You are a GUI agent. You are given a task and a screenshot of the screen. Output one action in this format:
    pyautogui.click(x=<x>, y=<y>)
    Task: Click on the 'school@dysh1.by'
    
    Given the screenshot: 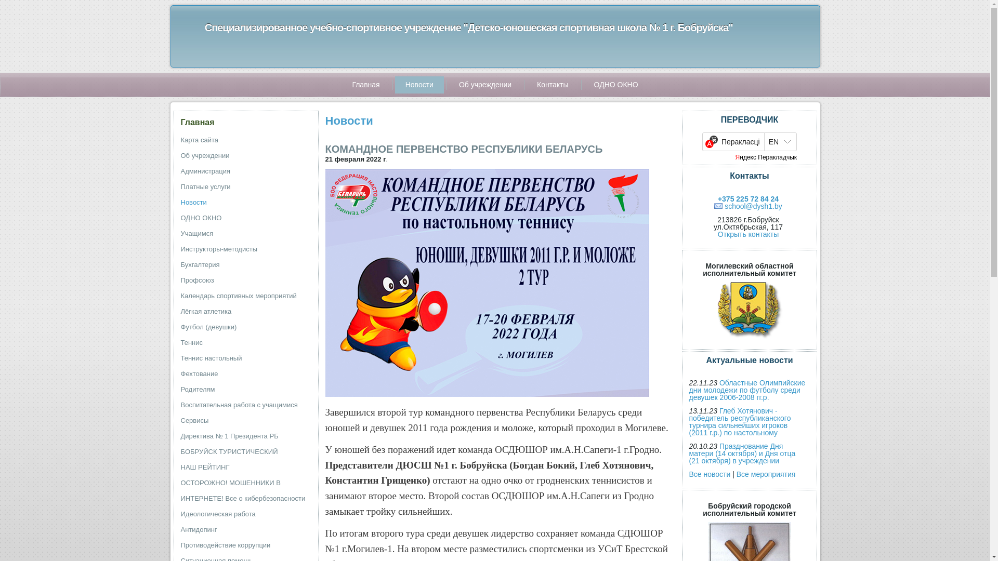 What is the action you would take?
    pyautogui.click(x=713, y=206)
    